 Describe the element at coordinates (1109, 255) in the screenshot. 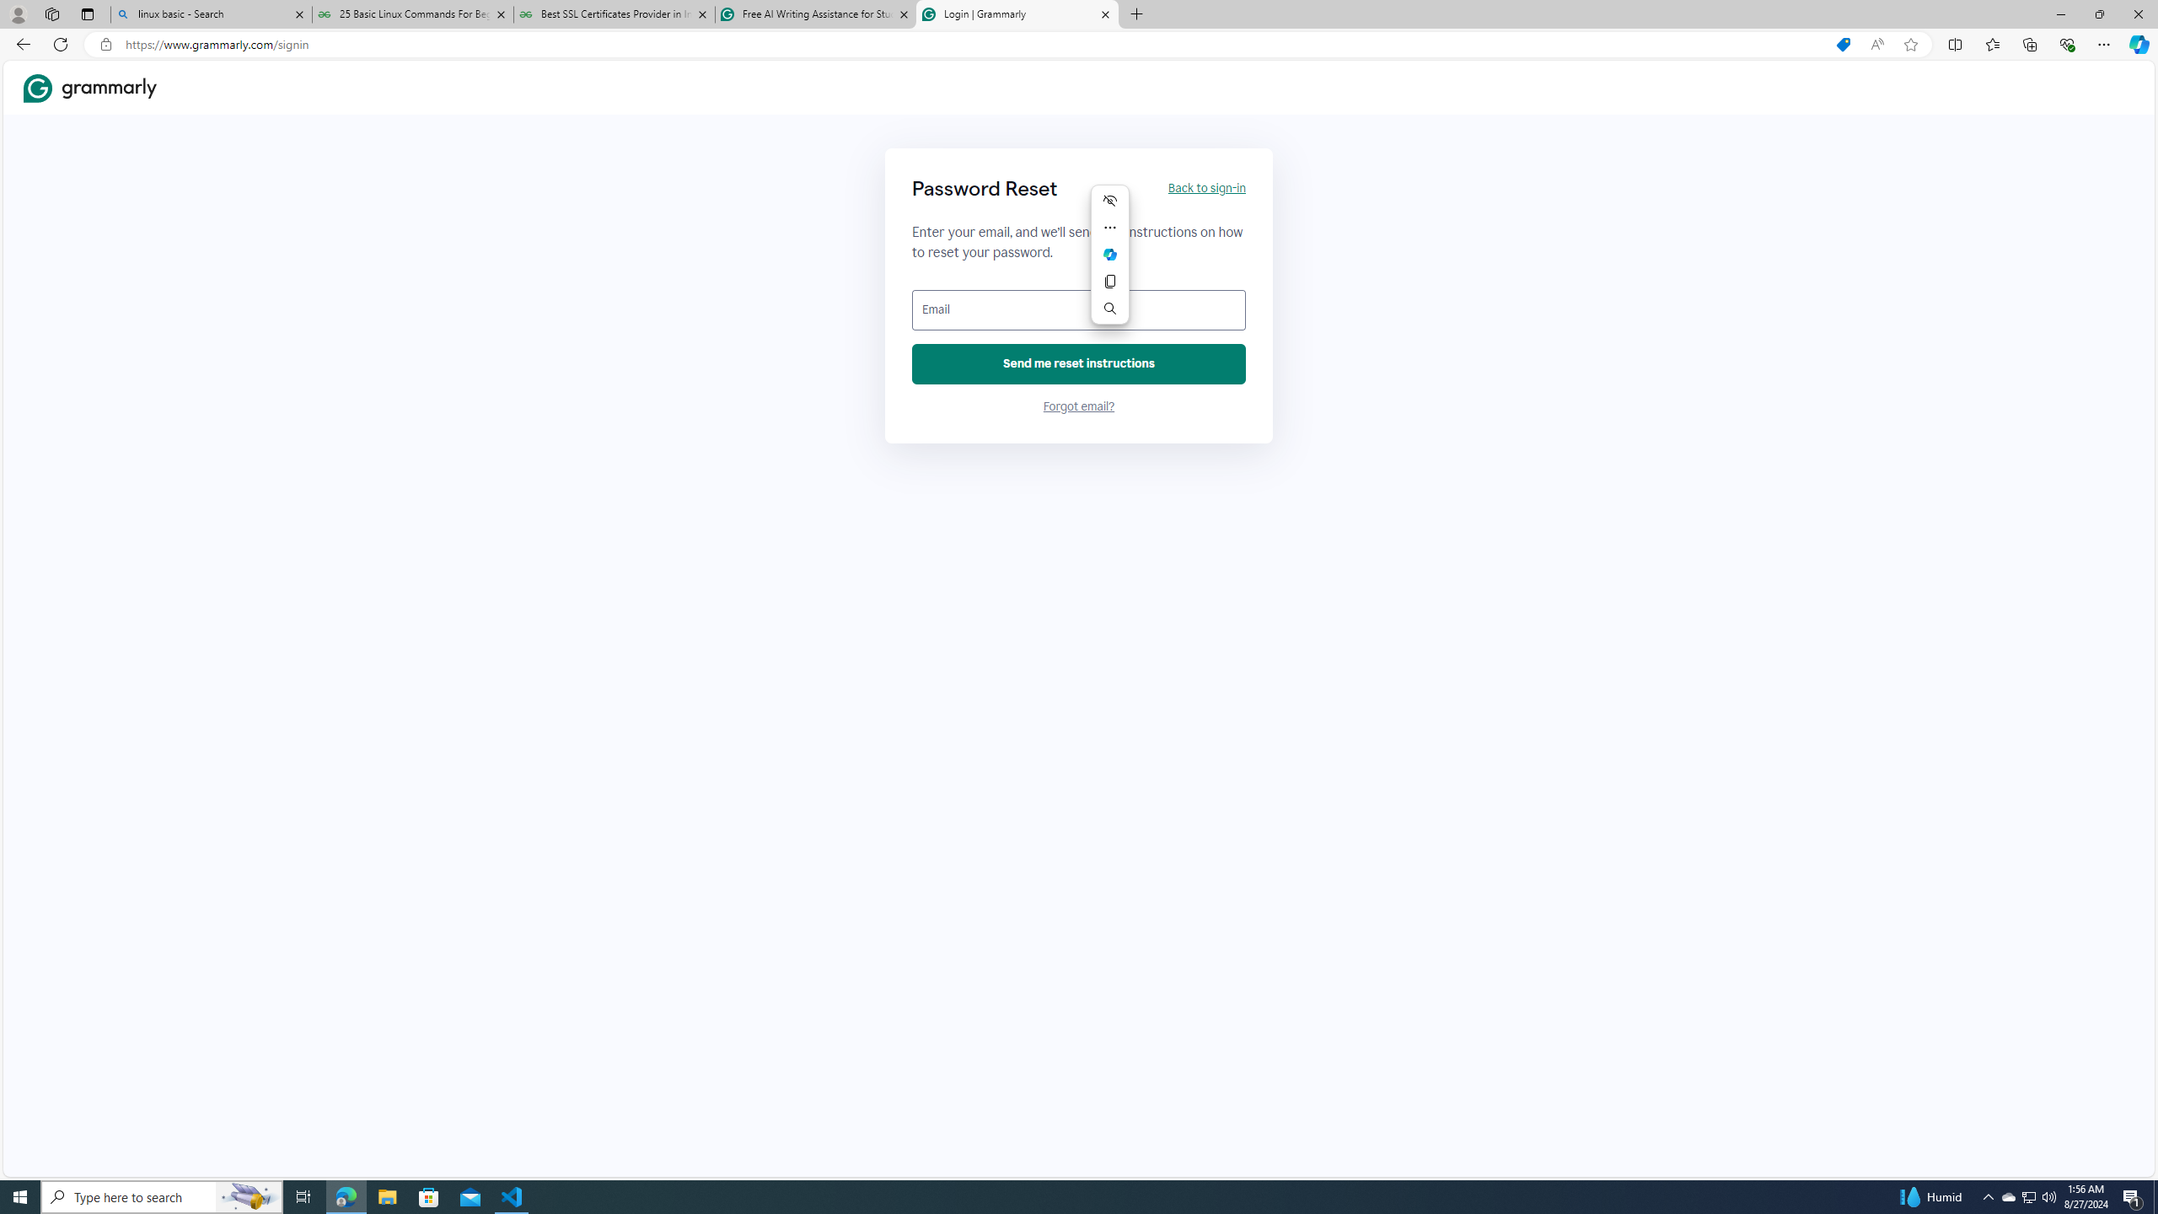

I see `'Ask Copilot'` at that location.